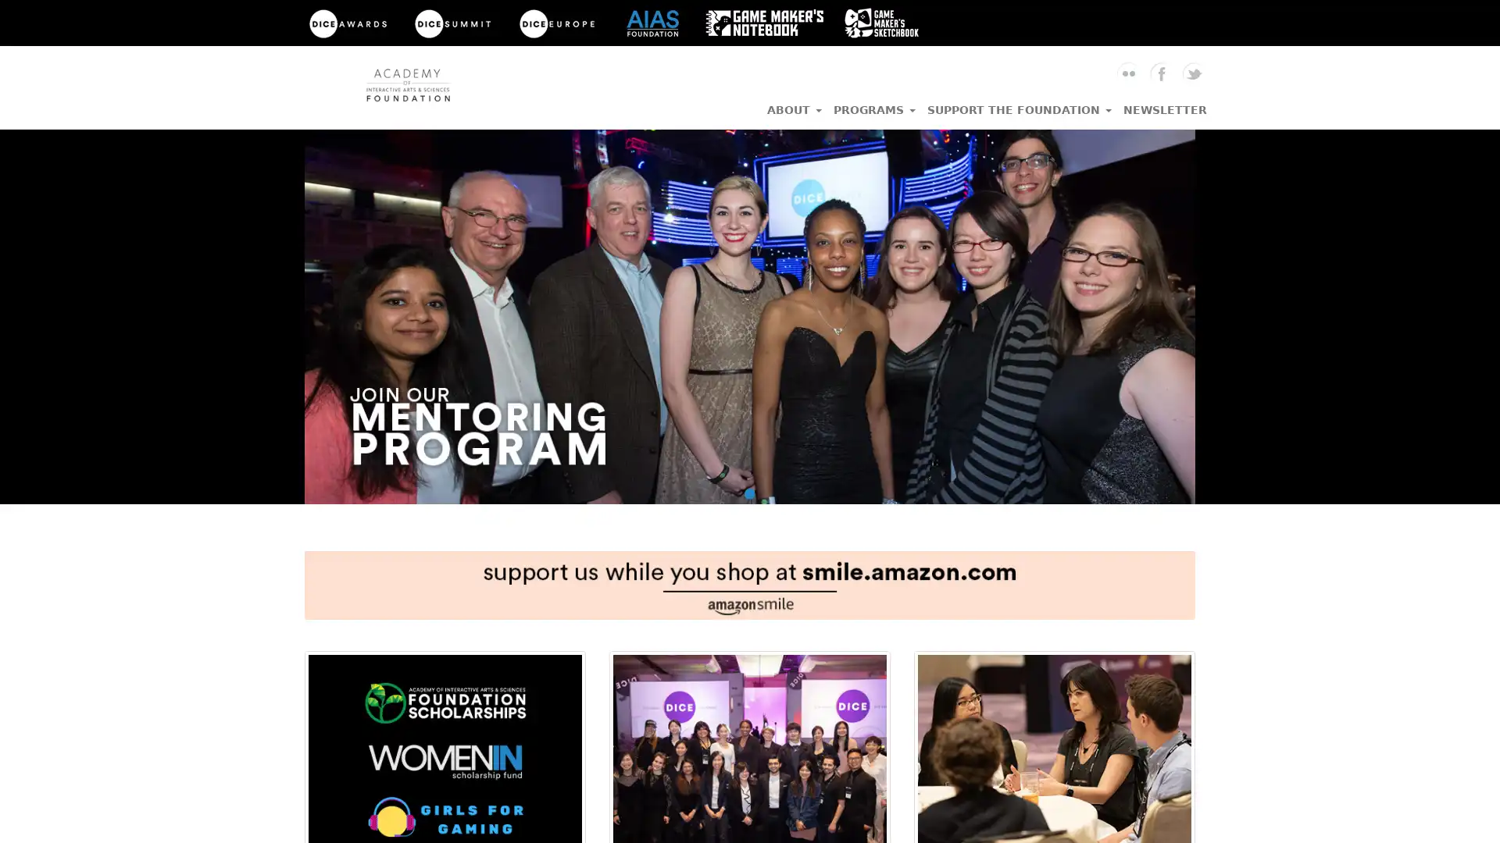 The height and width of the screenshot is (843, 1500). Describe the element at coordinates (1020, 109) in the screenshot. I see `SUPPORT THE FOUNDATION` at that location.